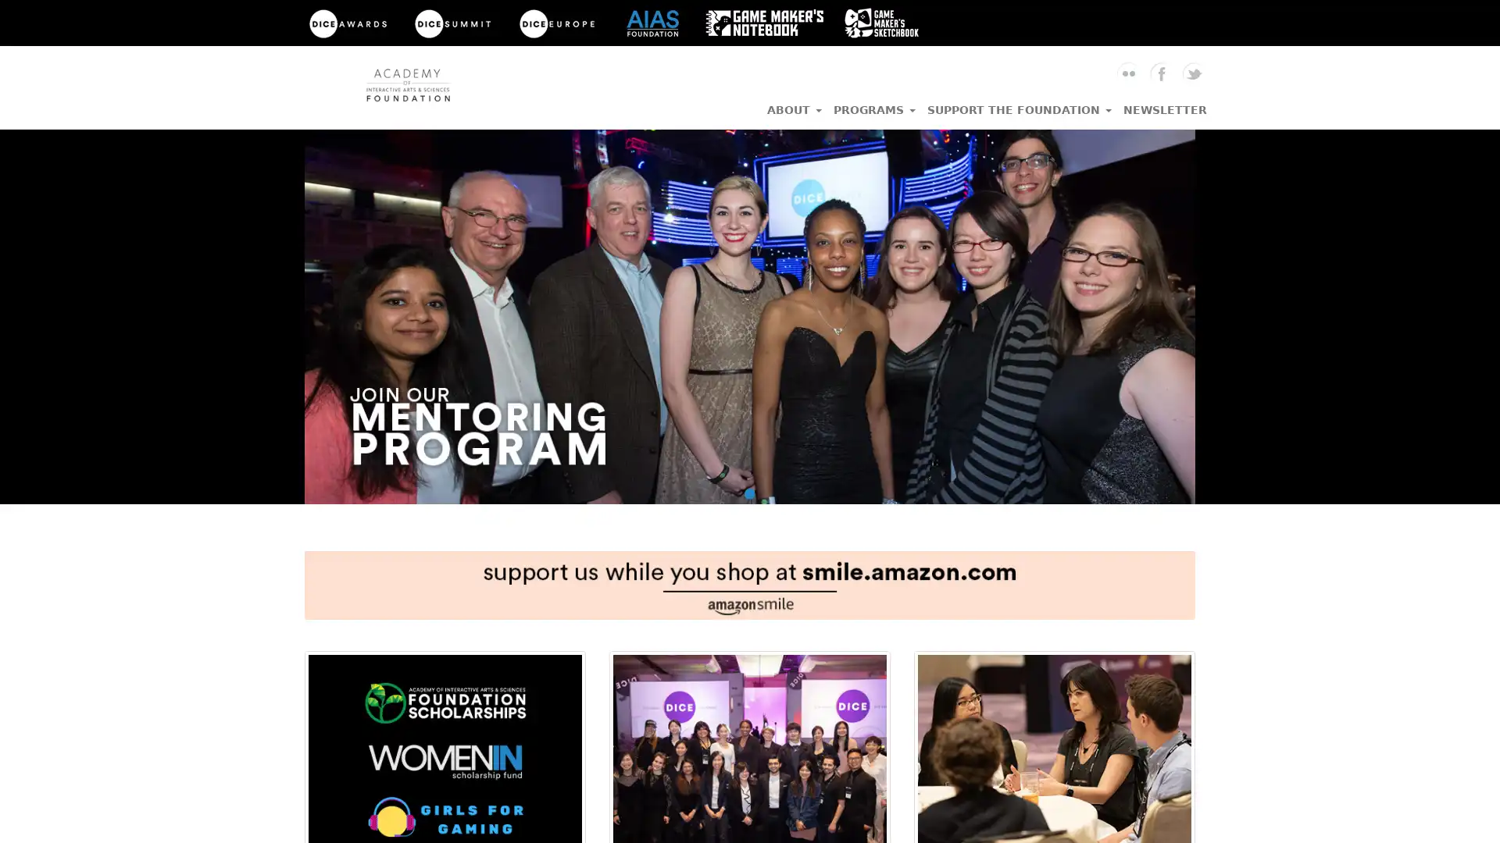 The height and width of the screenshot is (843, 1500). Describe the element at coordinates (1020, 109) in the screenshot. I see `SUPPORT THE FOUNDATION` at that location.